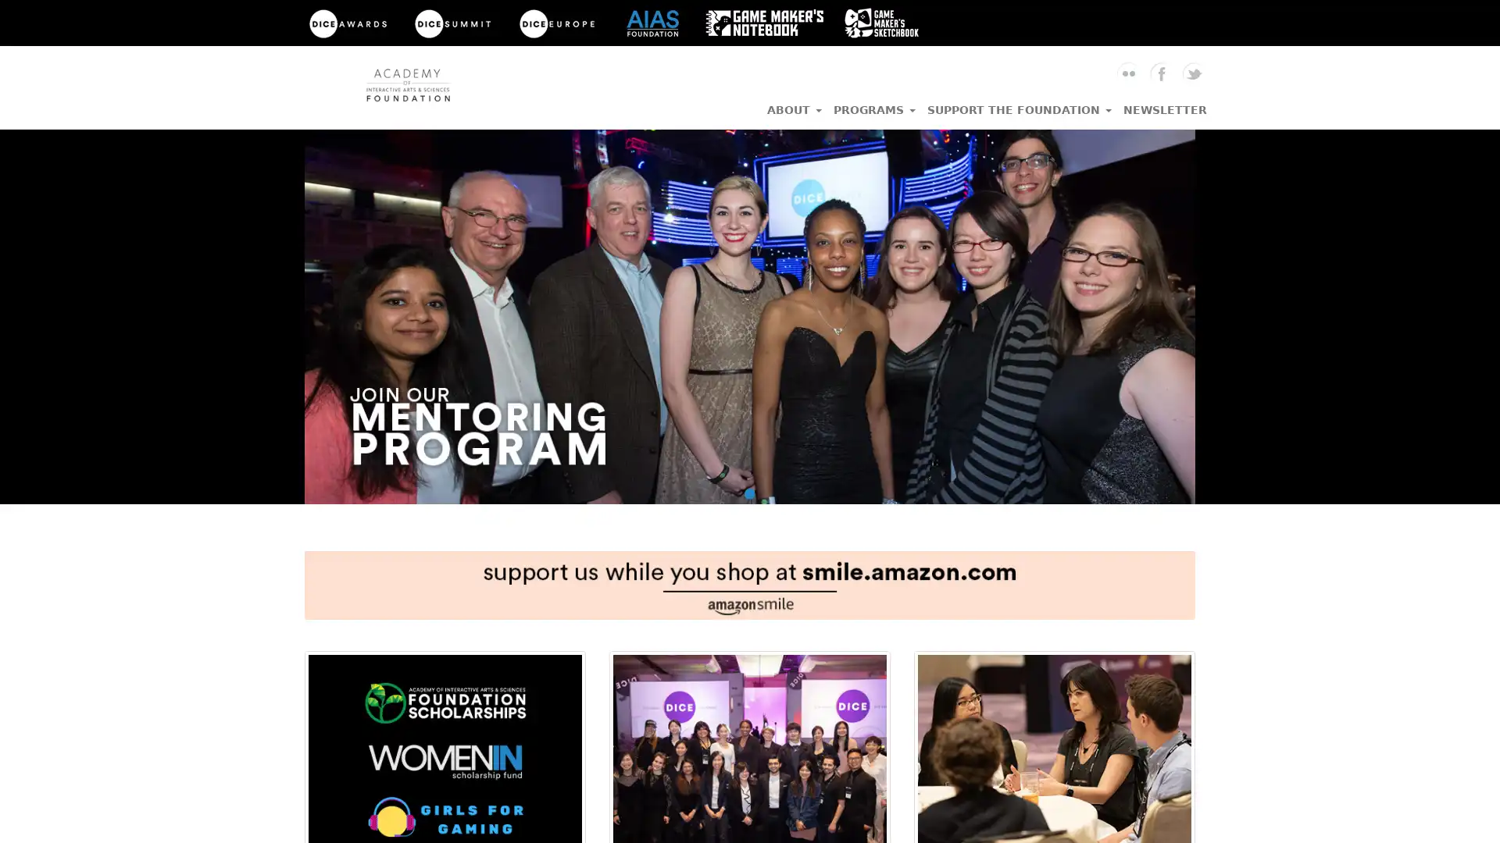 The height and width of the screenshot is (843, 1500). Describe the element at coordinates (1020, 109) in the screenshot. I see `SUPPORT THE FOUNDATION` at that location.